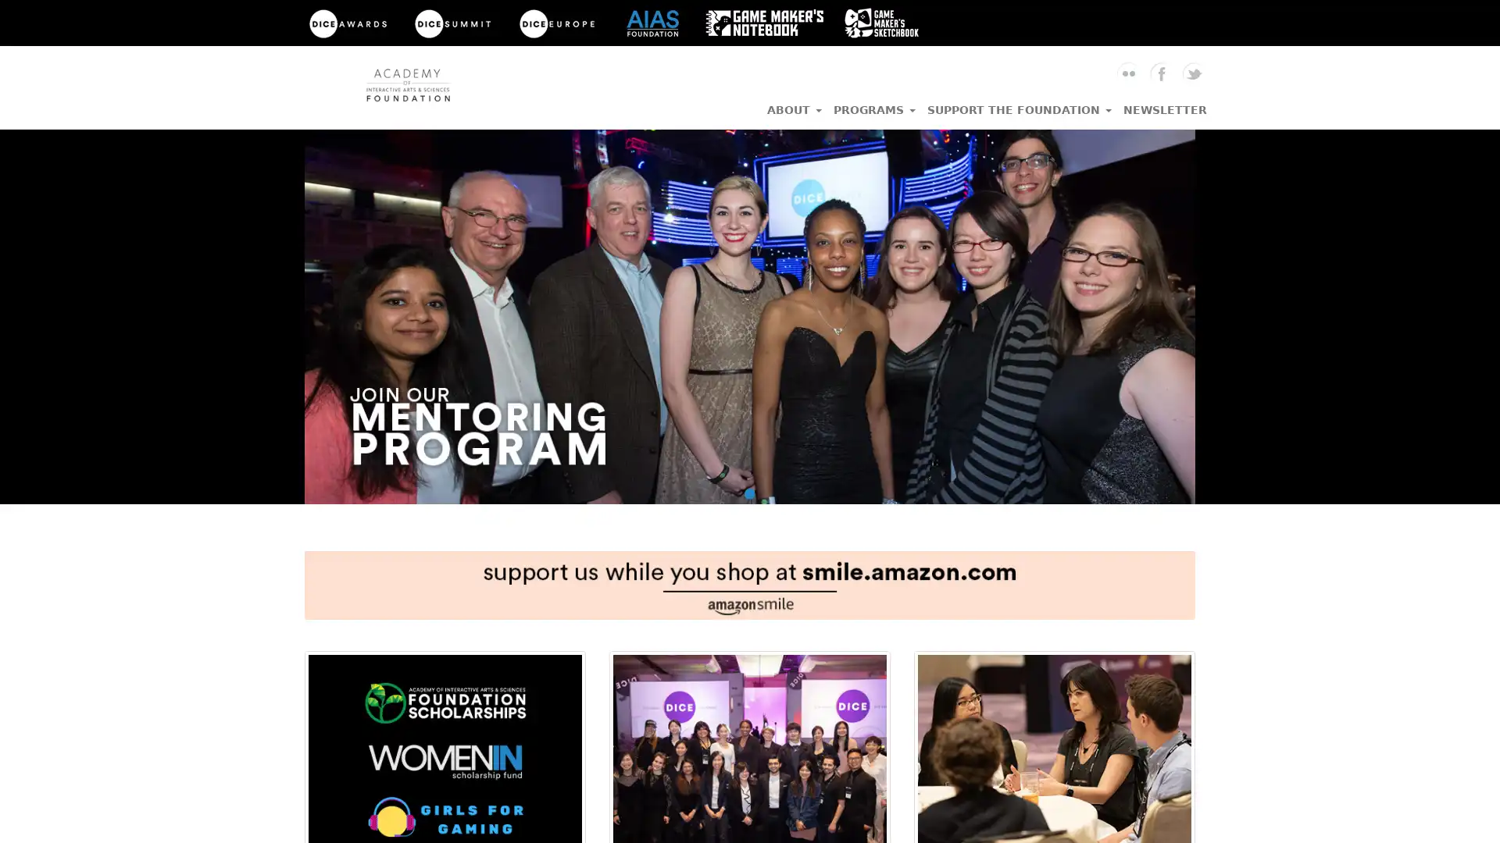 The height and width of the screenshot is (843, 1500). Describe the element at coordinates (1020, 109) in the screenshot. I see `SUPPORT THE FOUNDATION` at that location.